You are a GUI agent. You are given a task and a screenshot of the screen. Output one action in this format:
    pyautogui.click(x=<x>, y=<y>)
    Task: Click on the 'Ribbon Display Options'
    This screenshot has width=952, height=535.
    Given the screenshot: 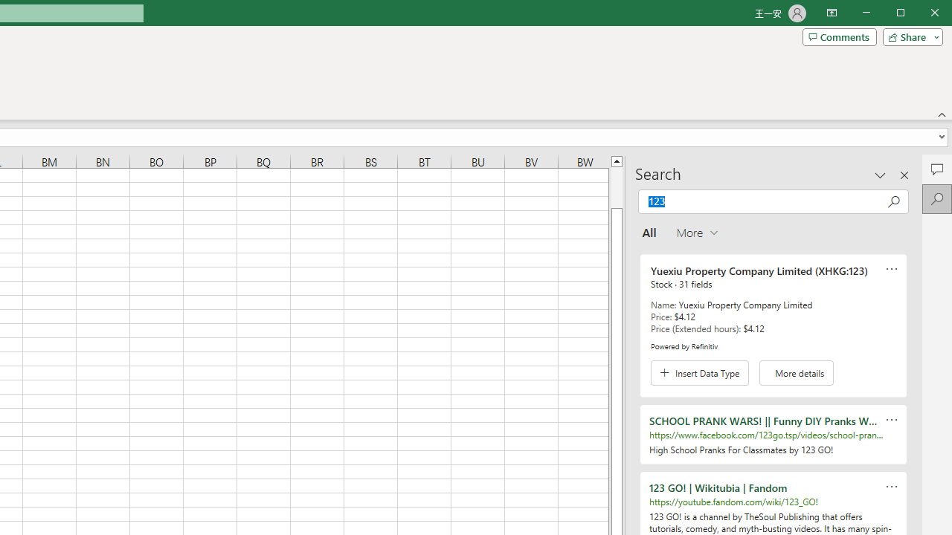 What is the action you would take?
    pyautogui.click(x=831, y=13)
    